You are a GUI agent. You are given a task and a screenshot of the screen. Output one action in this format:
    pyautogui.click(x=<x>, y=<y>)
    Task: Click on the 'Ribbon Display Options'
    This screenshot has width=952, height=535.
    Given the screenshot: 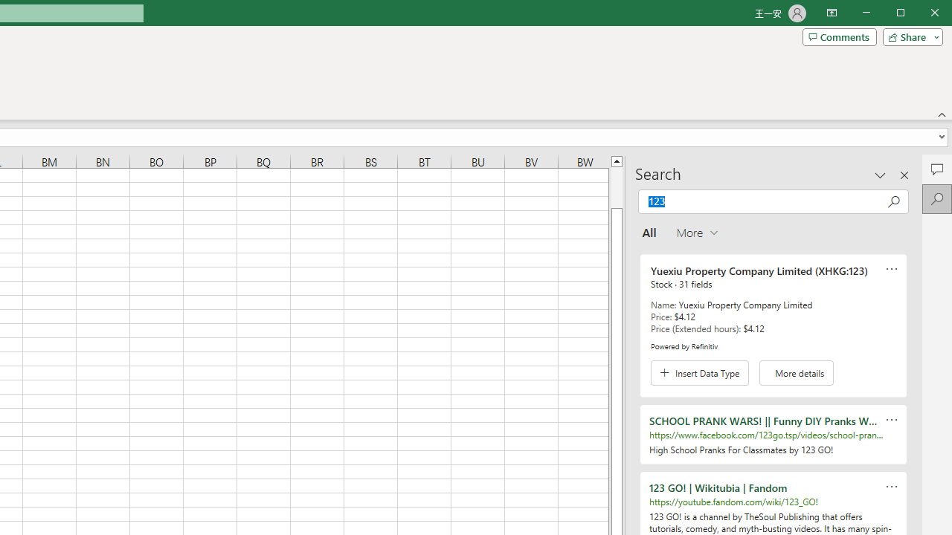 What is the action you would take?
    pyautogui.click(x=831, y=13)
    